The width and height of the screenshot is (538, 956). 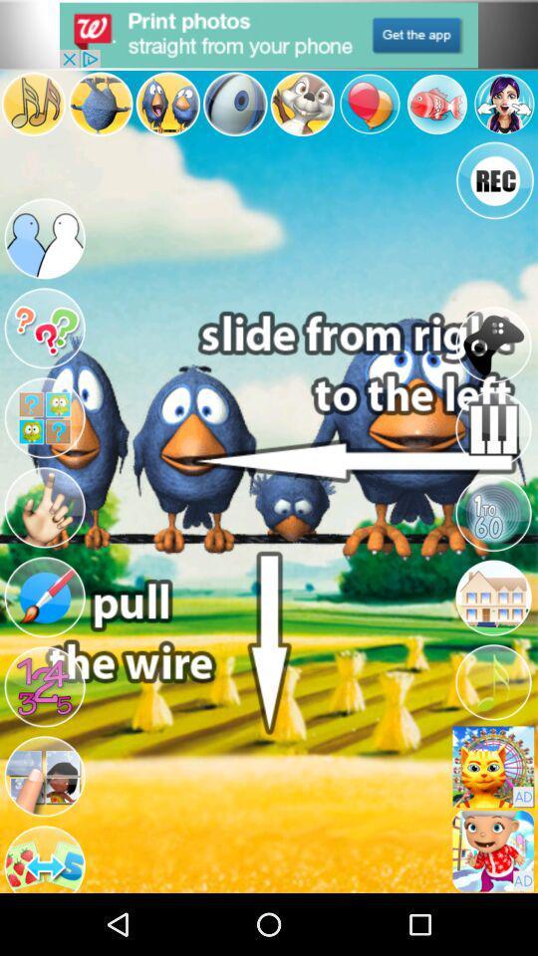 What do you see at coordinates (492, 682) in the screenshot?
I see `the option below house image` at bounding box center [492, 682].